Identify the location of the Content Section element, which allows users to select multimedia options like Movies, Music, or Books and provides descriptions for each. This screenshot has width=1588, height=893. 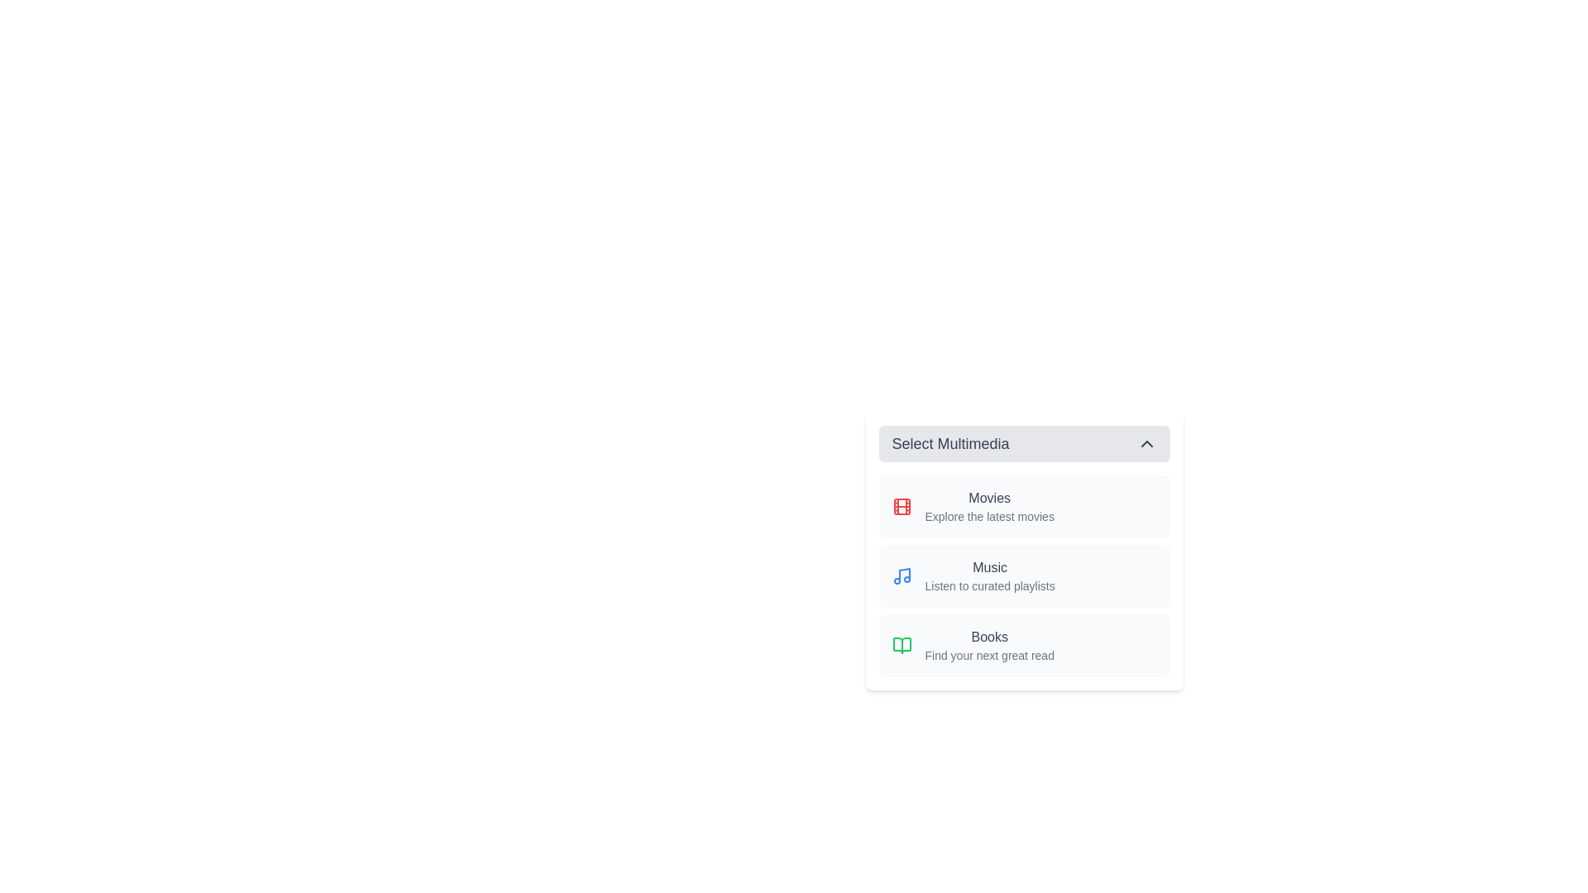
(1023, 551).